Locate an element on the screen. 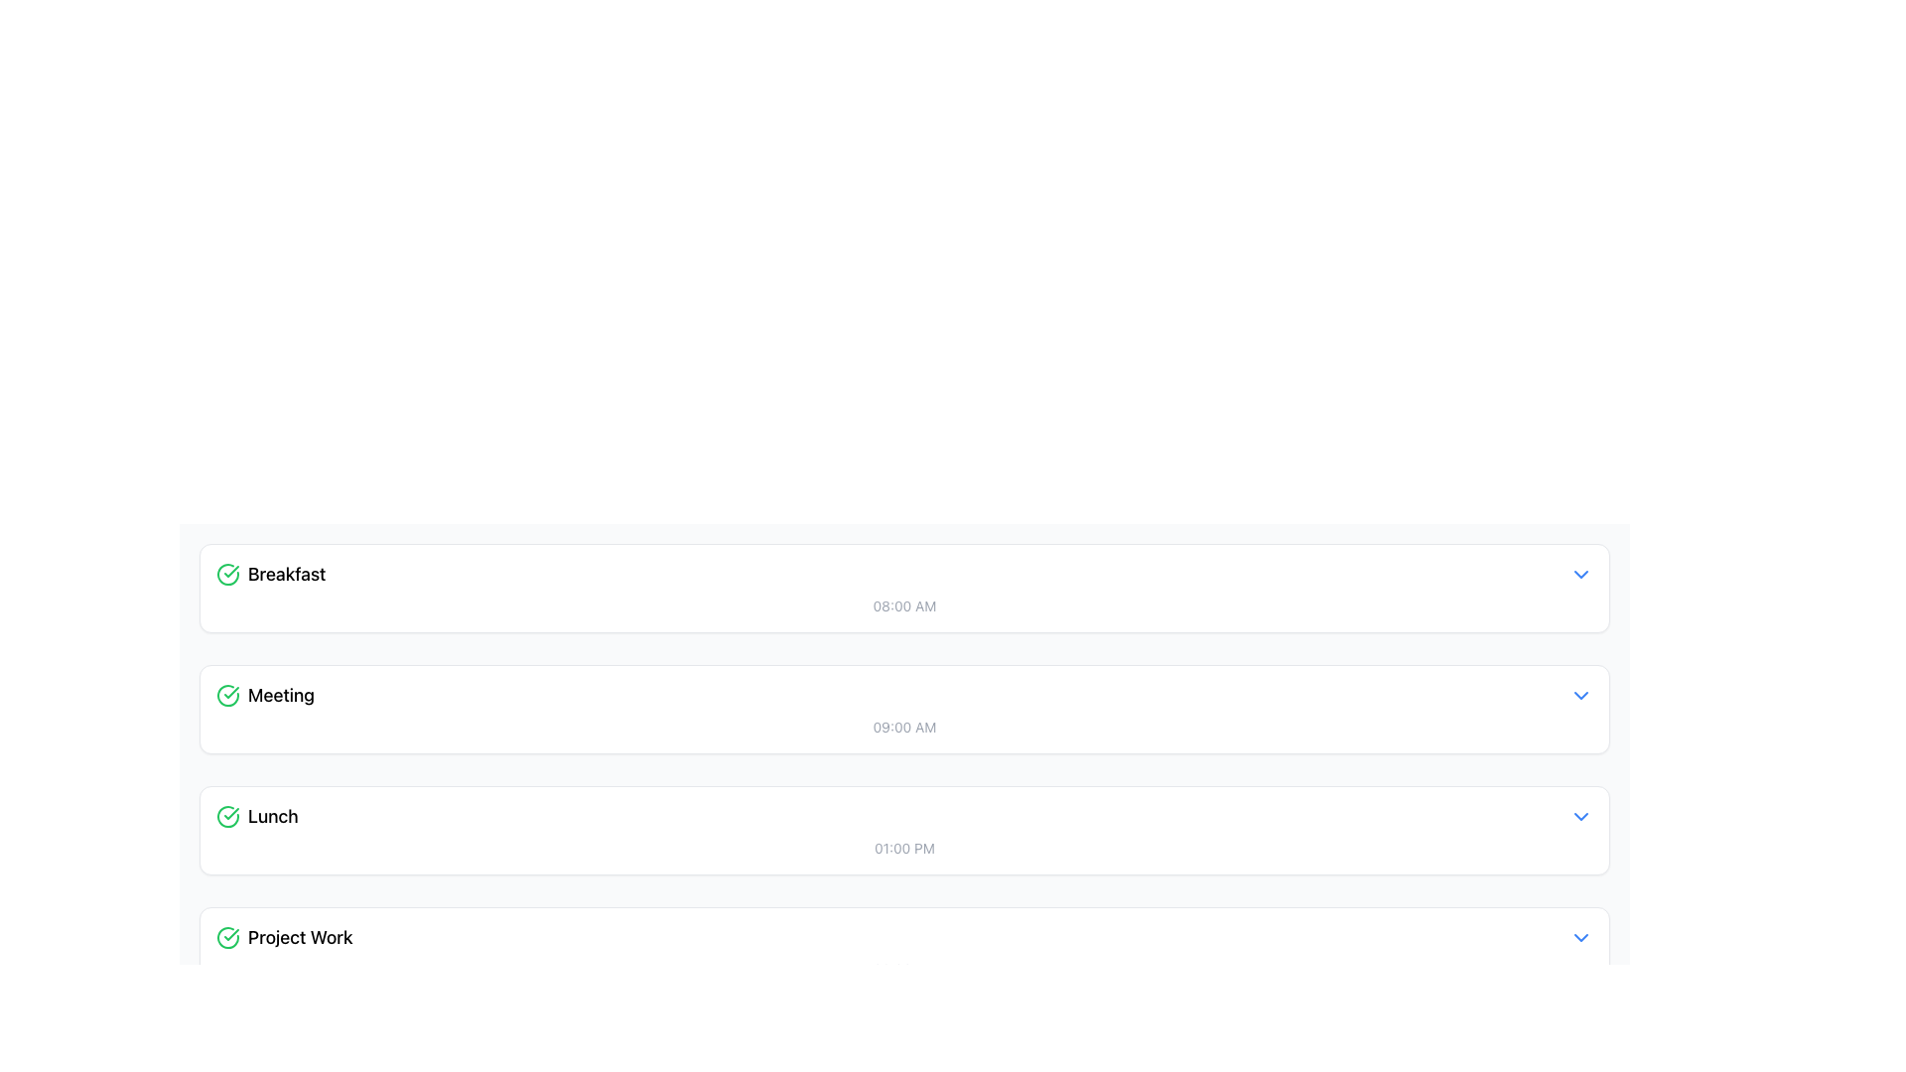 The image size is (1906, 1072). label of the first List Item in the task list, which features a green circular checkmark icon and the text 'Breakfast' is located at coordinates (270, 574).